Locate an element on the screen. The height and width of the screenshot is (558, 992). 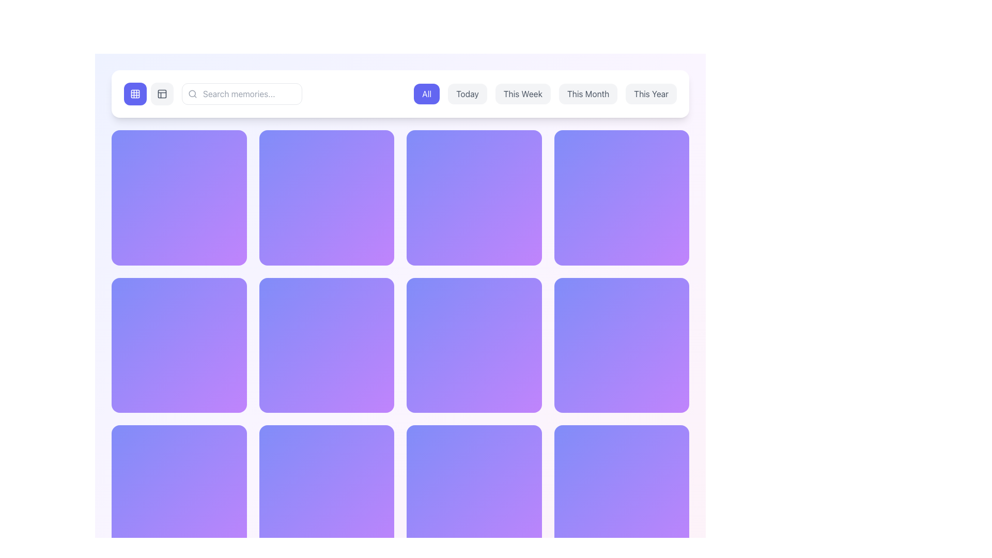
circular part of the magnifying glass icon, which signifies search functionality, located centrally within the icon in the header bar is located at coordinates (192, 94).